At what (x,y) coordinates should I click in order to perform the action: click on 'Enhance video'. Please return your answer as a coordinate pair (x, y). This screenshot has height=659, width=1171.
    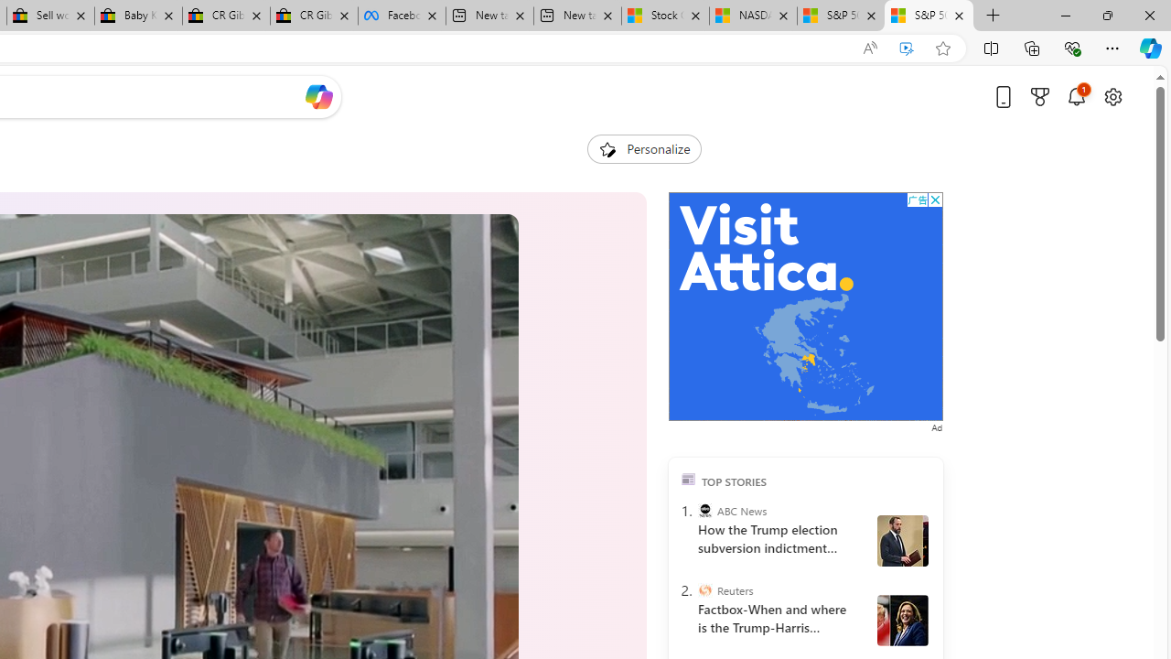
    Looking at the image, I should click on (907, 48).